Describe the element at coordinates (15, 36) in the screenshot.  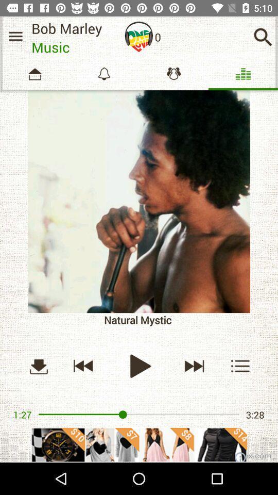
I see `menu paga` at that location.